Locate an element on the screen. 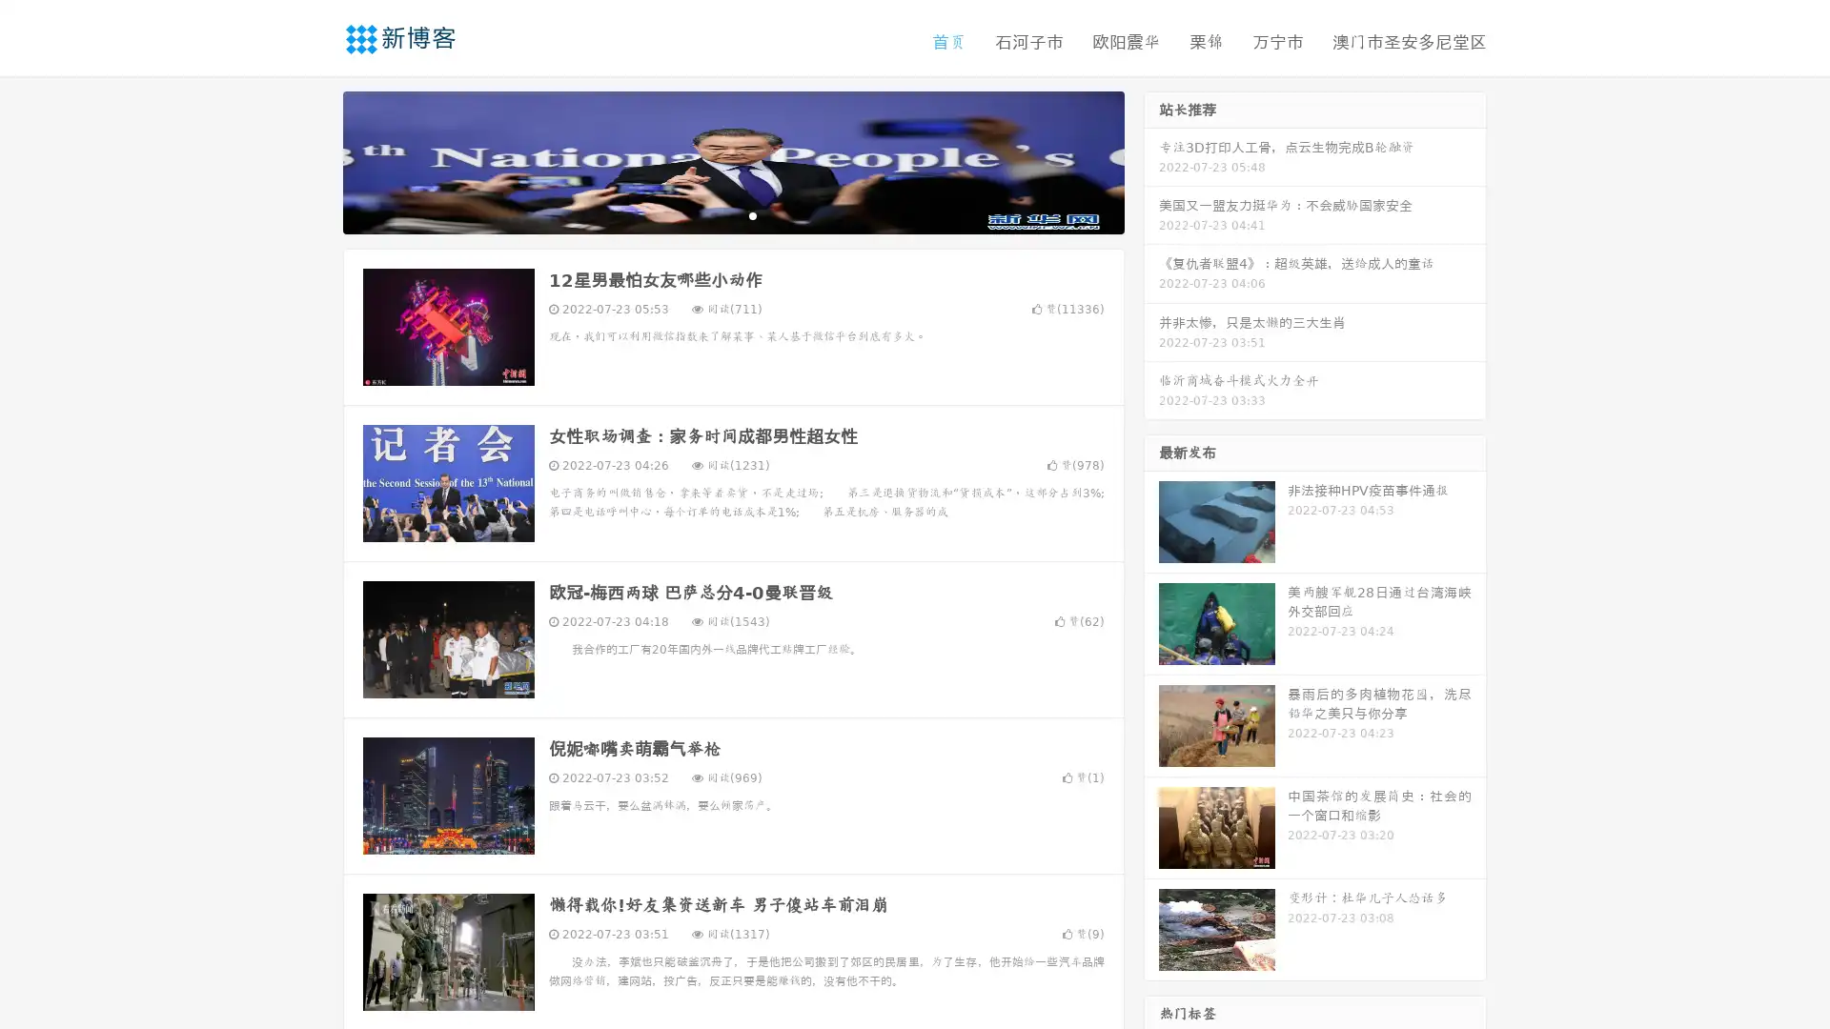 The height and width of the screenshot is (1029, 1830). Go to slide 2 is located at coordinates (732, 214).